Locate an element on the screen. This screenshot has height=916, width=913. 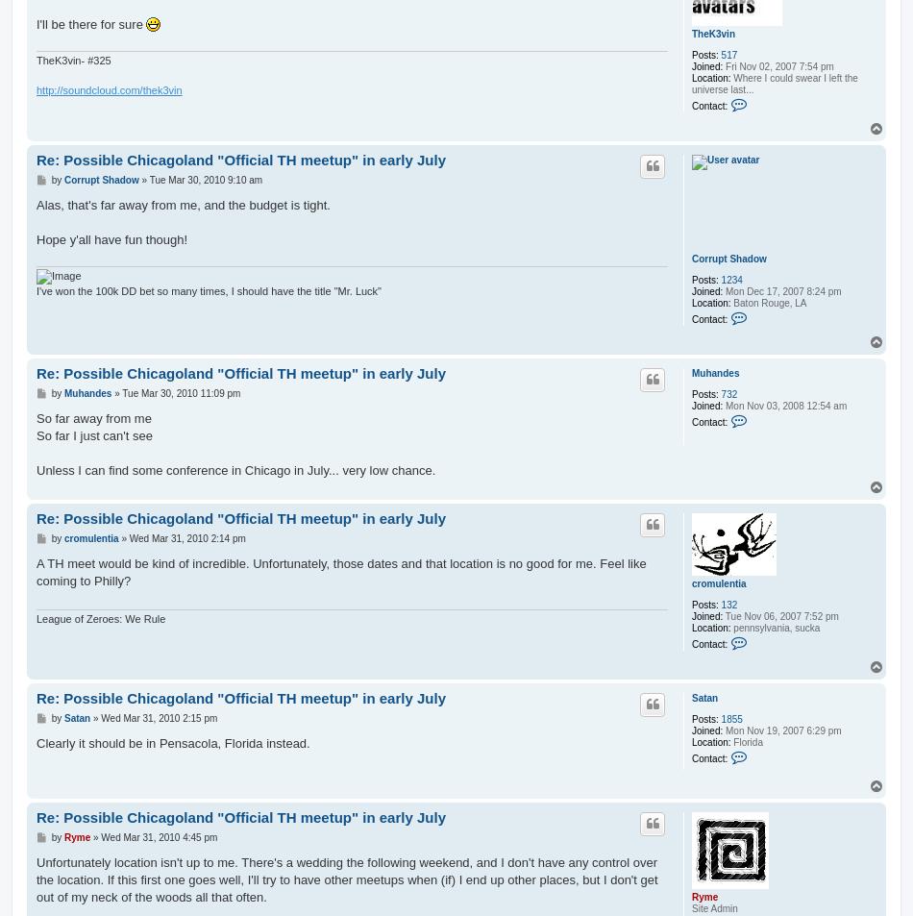
'732' is located at coordinates (720, 393).